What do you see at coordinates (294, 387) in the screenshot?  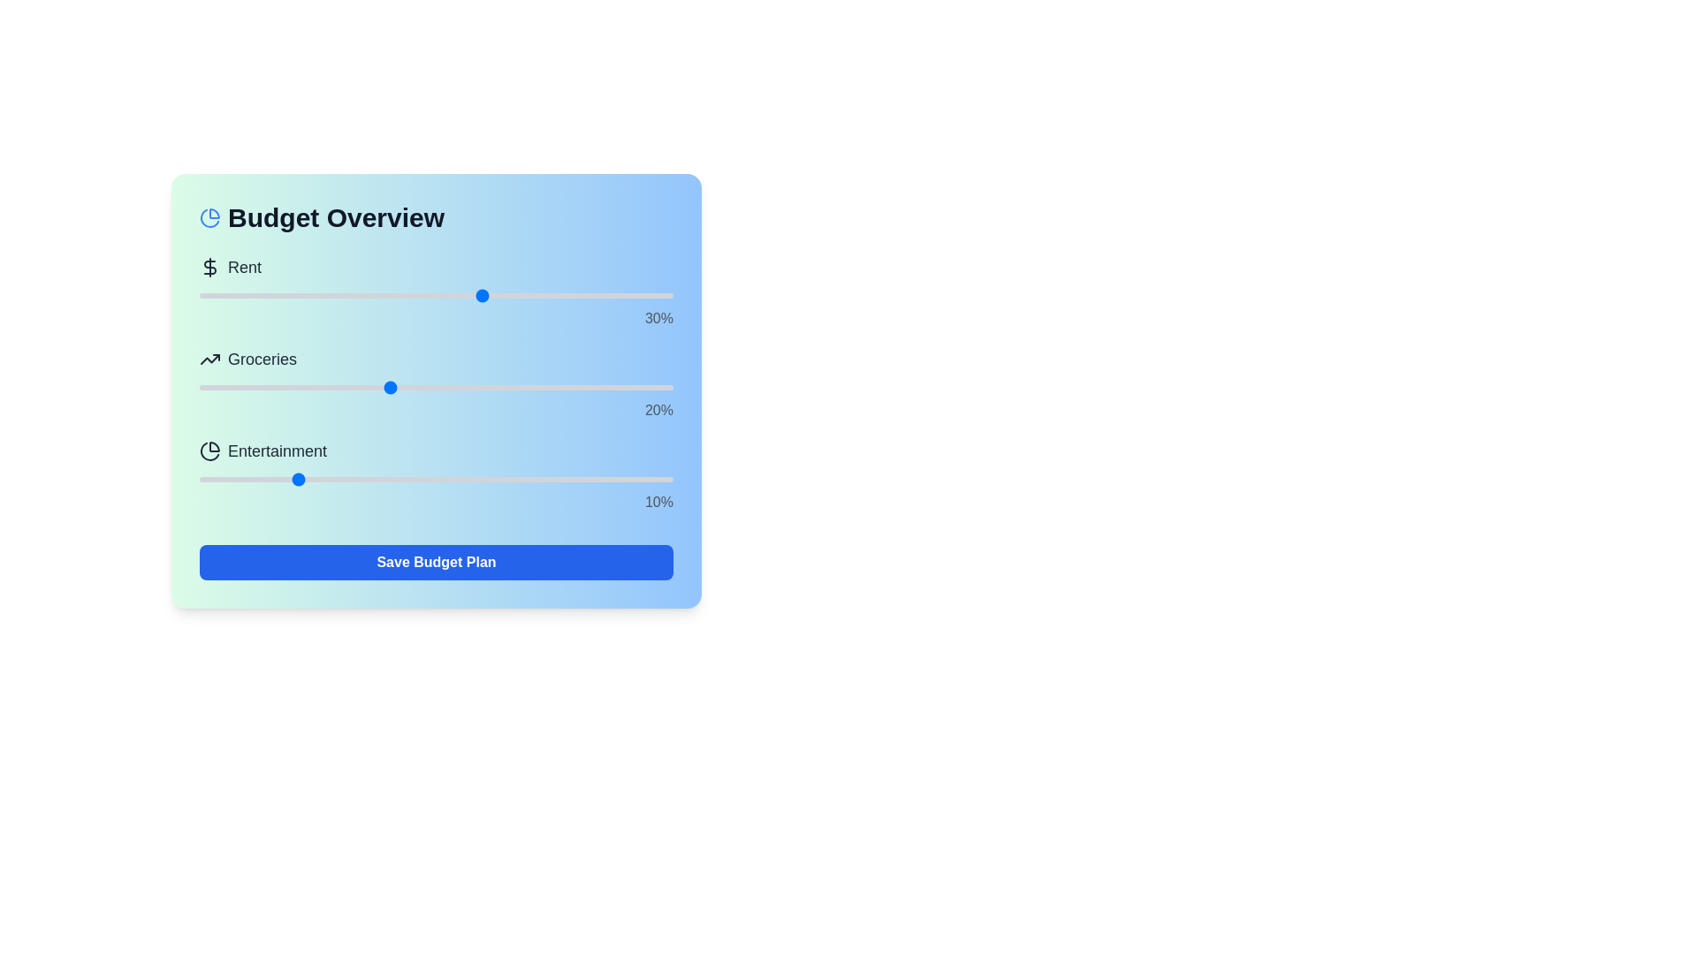 I see `the 'Groceries' slider` at bounding box center [294, 387].